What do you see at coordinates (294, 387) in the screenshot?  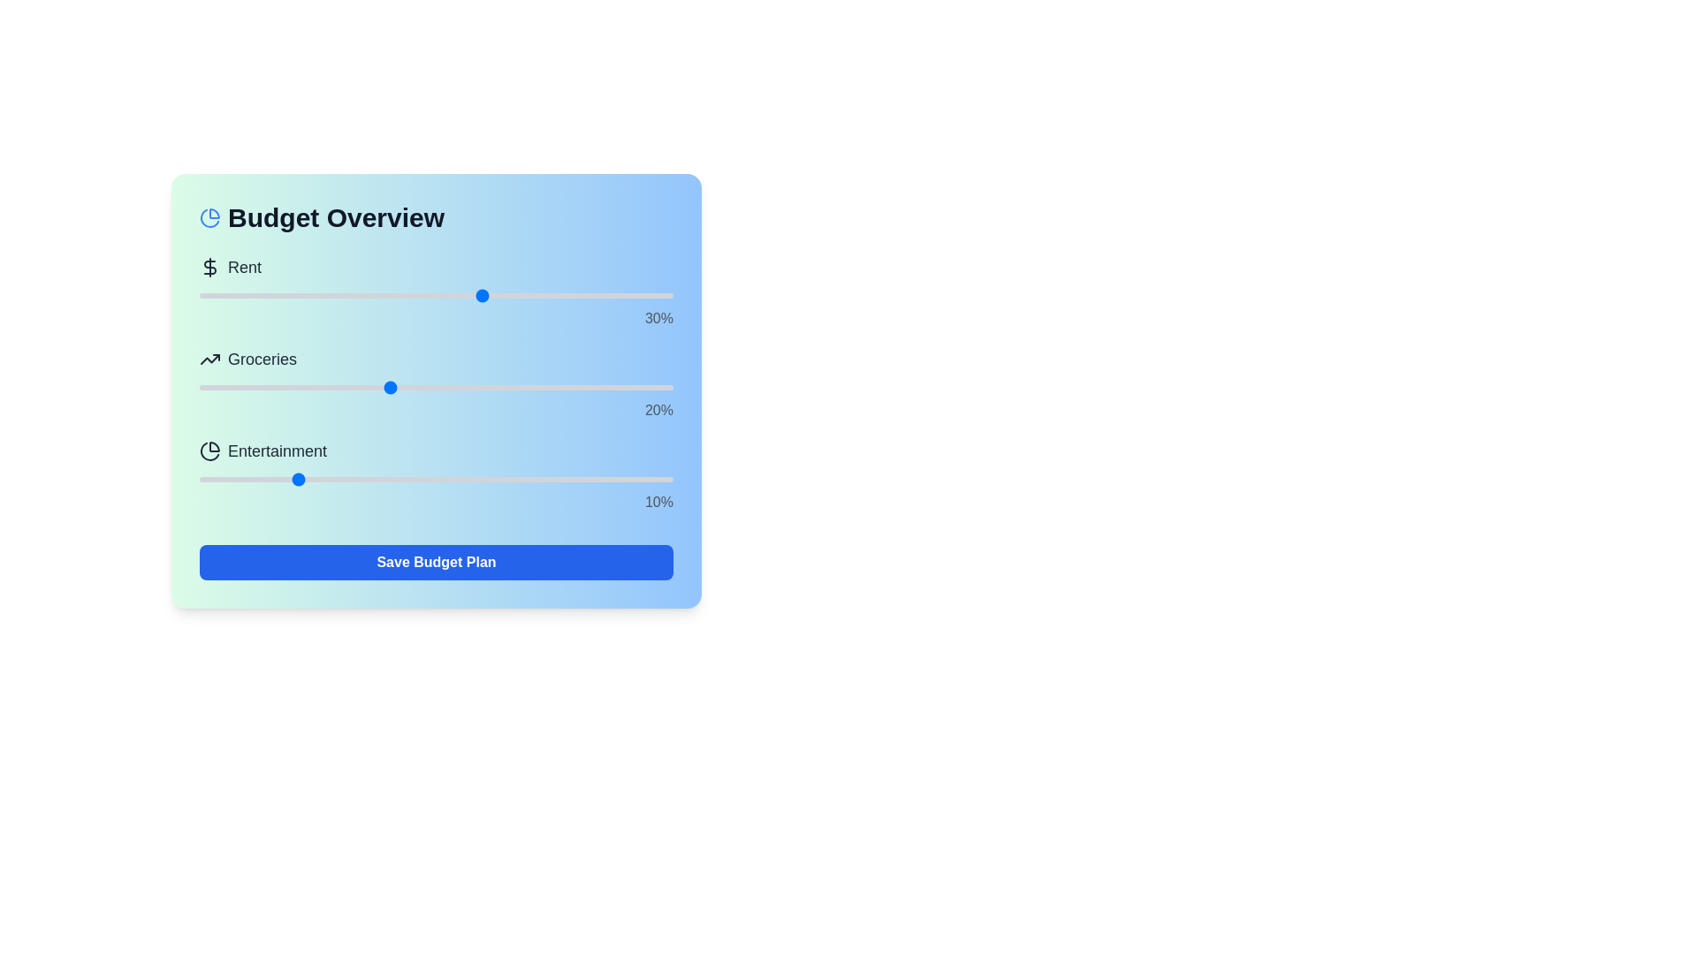 I see `the 'Groceries' slider` at bounding box center [294, 387].